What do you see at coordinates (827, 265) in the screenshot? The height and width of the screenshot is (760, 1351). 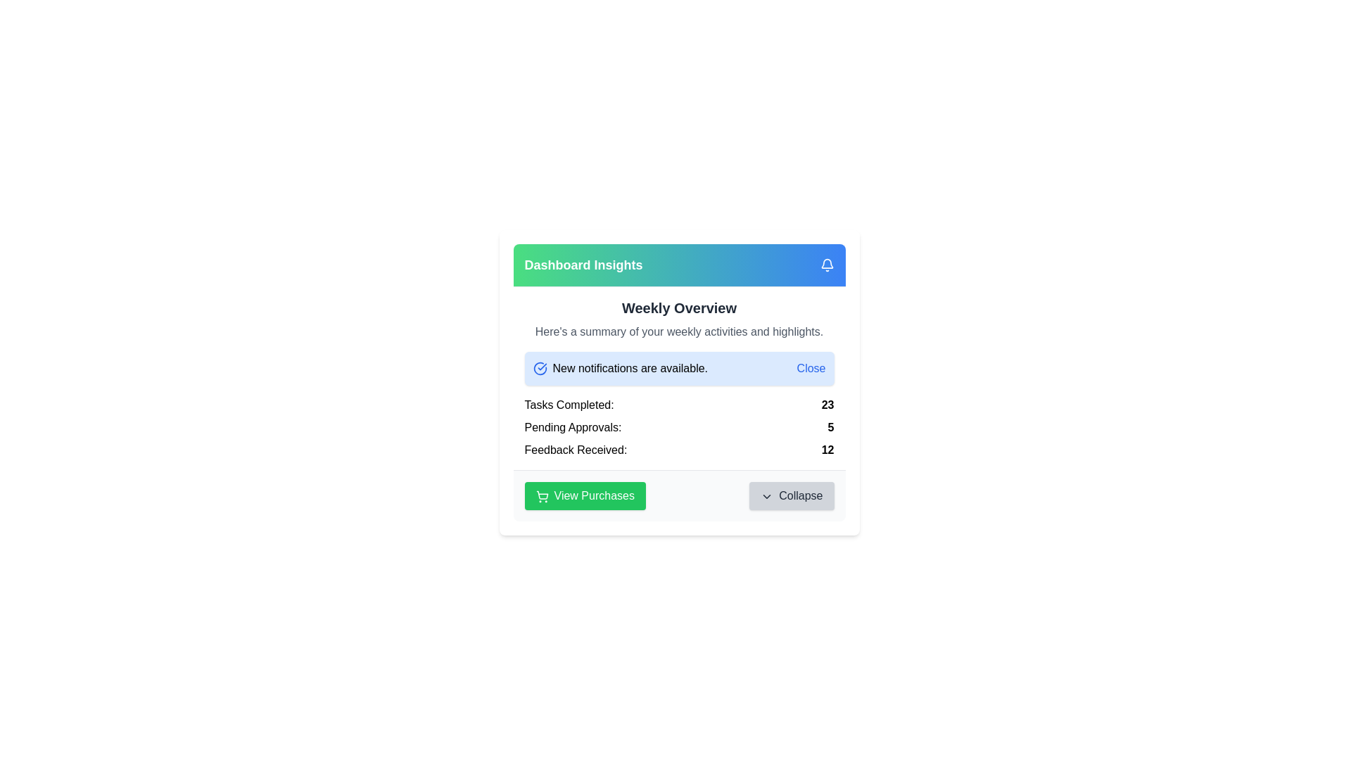 I see `the bell-shaped notification icon, which is white on a blue background and located at the top-right corner of the 'Dashboard Insights' header section, adjacent to the text 'Dashboard Insights'` at bounding box center [827, 265].